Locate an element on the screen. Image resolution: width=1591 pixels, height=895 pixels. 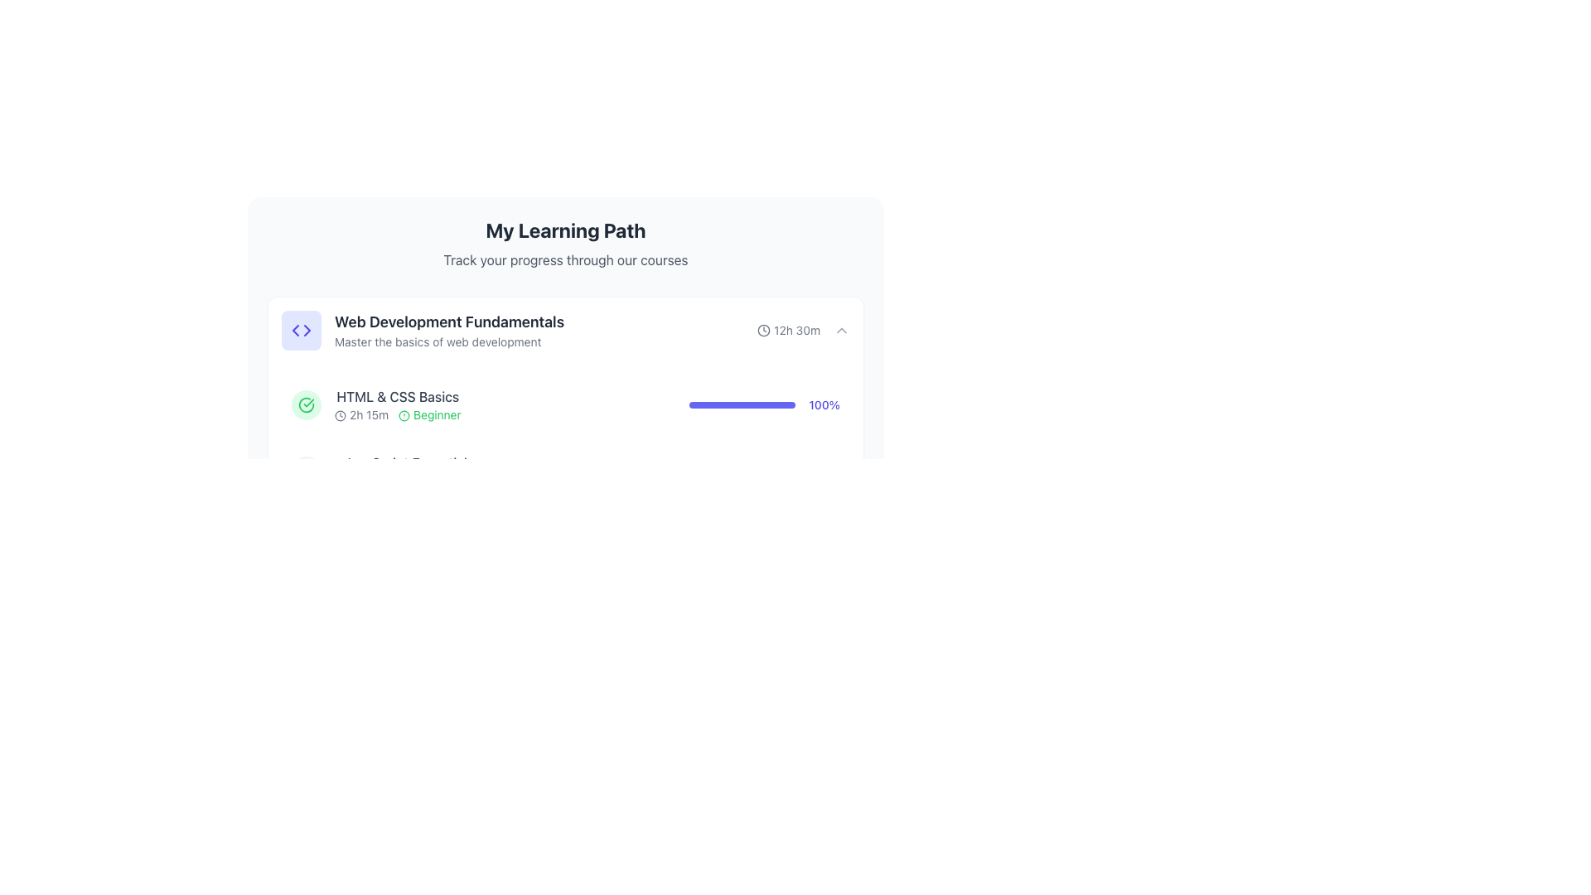
the compound UI component representing the completed learning module titled 'Web Development Fundamentals' for additional options is located at coordinates (565, 405).